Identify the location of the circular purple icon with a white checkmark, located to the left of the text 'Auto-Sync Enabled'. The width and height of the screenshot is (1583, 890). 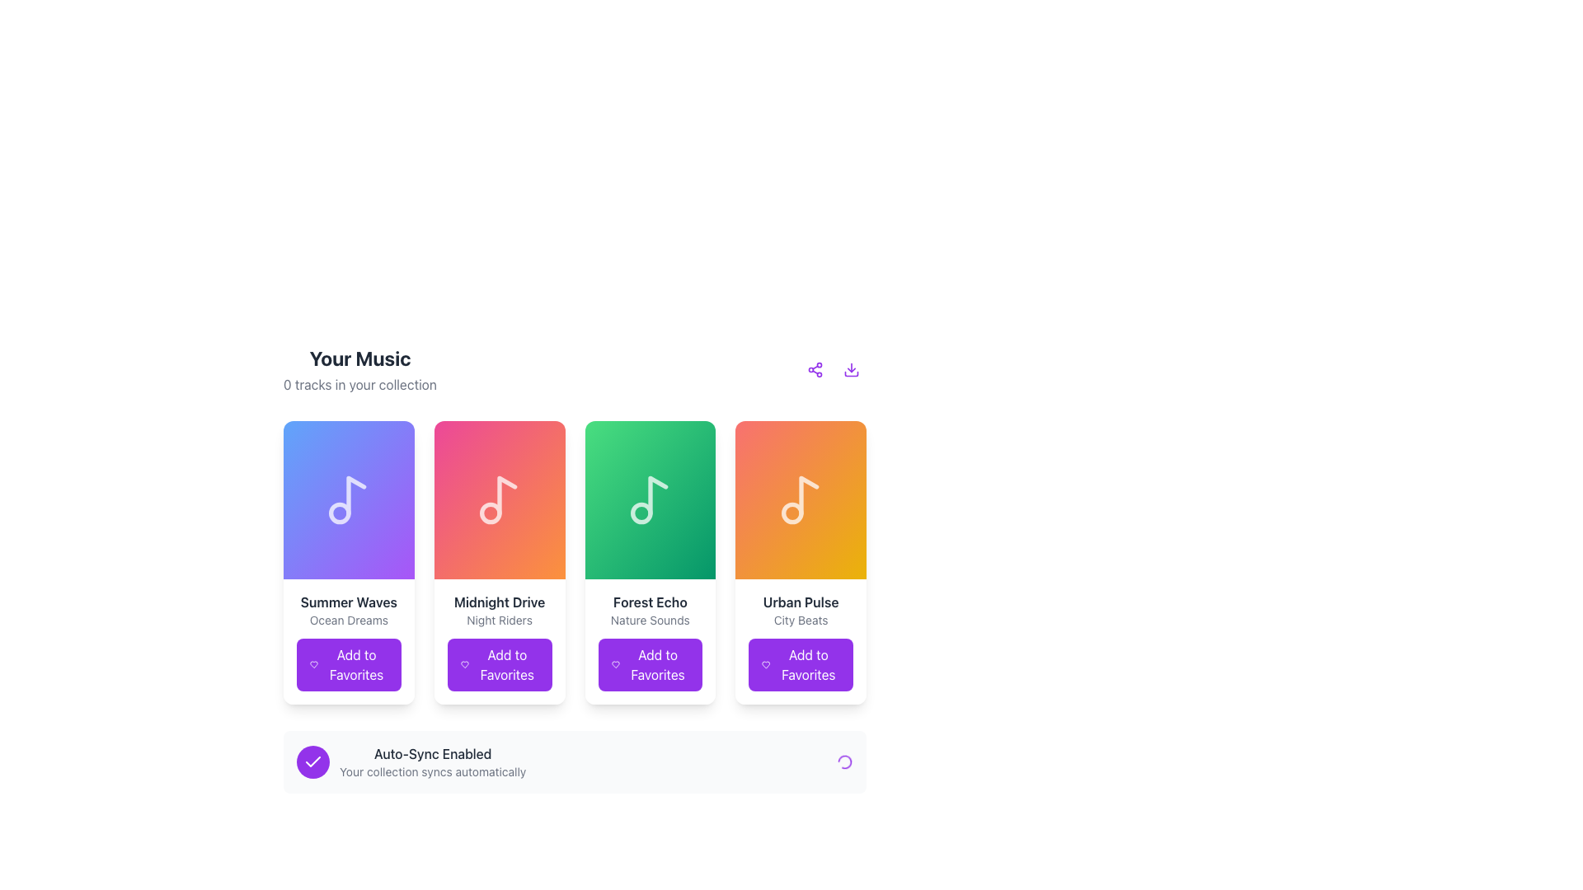
(312, 762).